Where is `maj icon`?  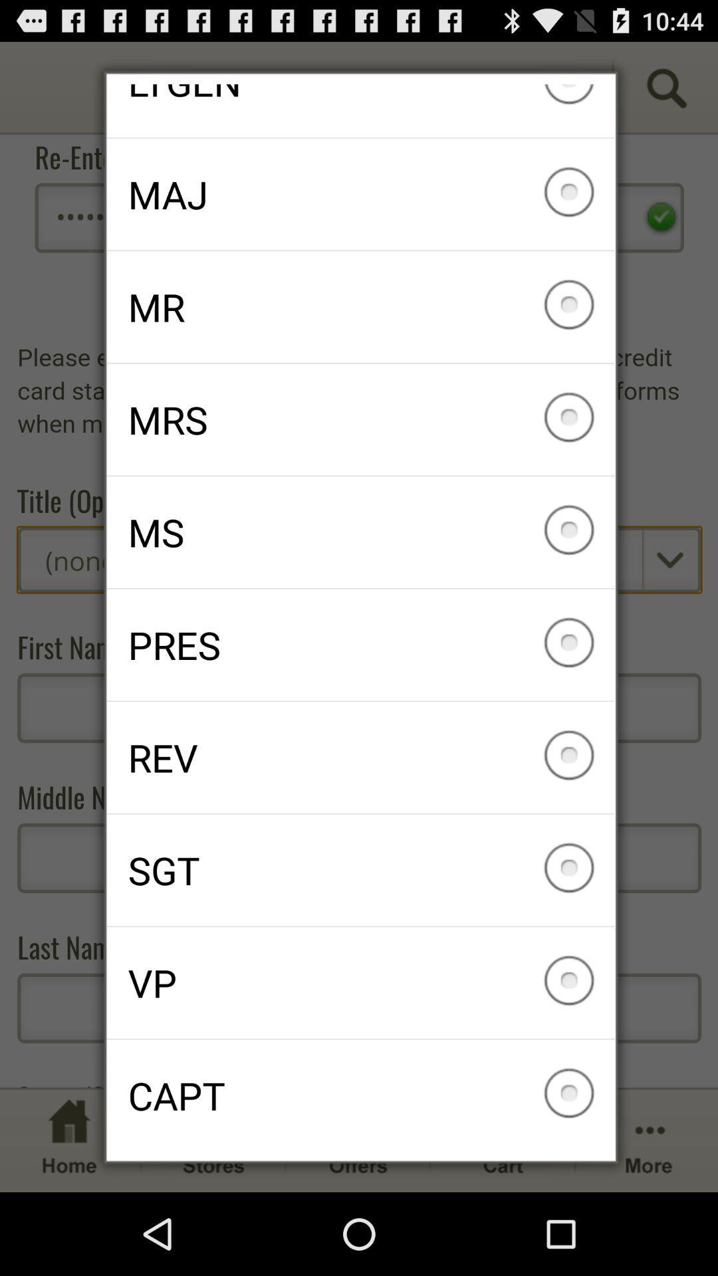
maj icon is located at coordinates (360, 193).